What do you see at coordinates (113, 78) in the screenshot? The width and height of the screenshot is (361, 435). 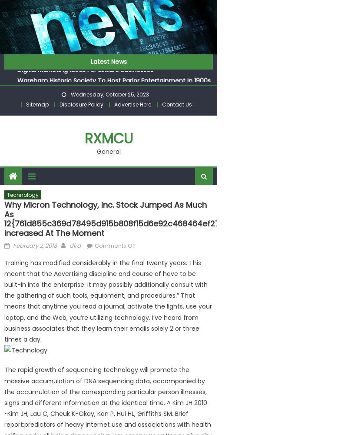 I see `'Wareham Historic Society To Host Parlor Entertainment In 1900s'` at bounding box center [113, 78].